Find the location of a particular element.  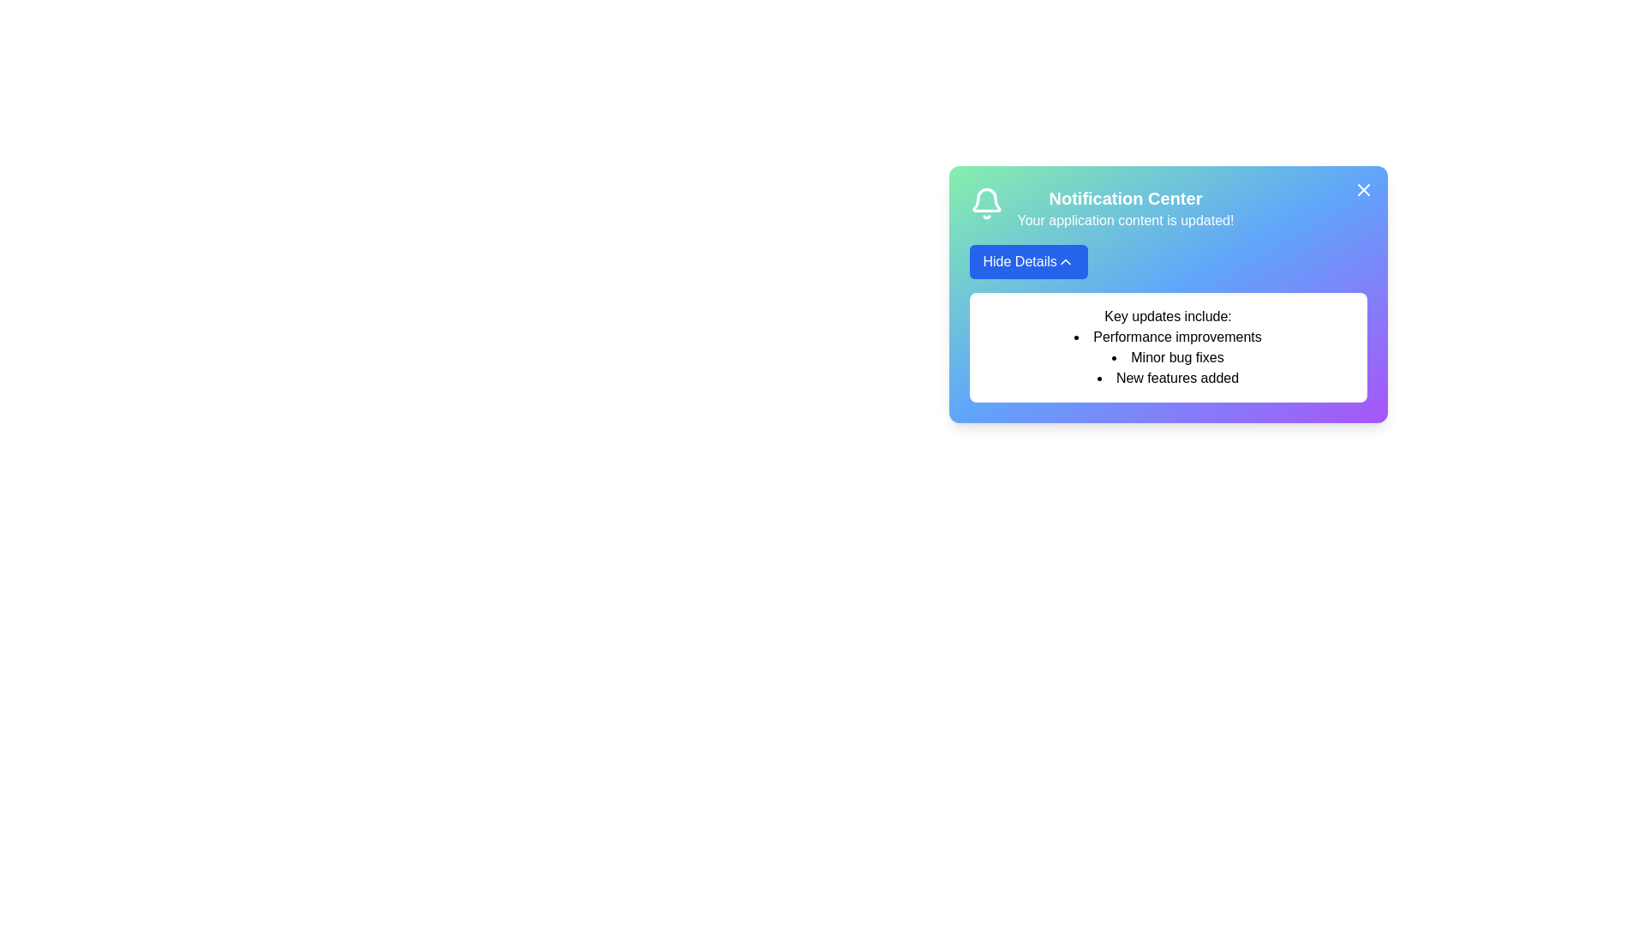

the bell icon to interact with it is located at coordinates (986, 203).